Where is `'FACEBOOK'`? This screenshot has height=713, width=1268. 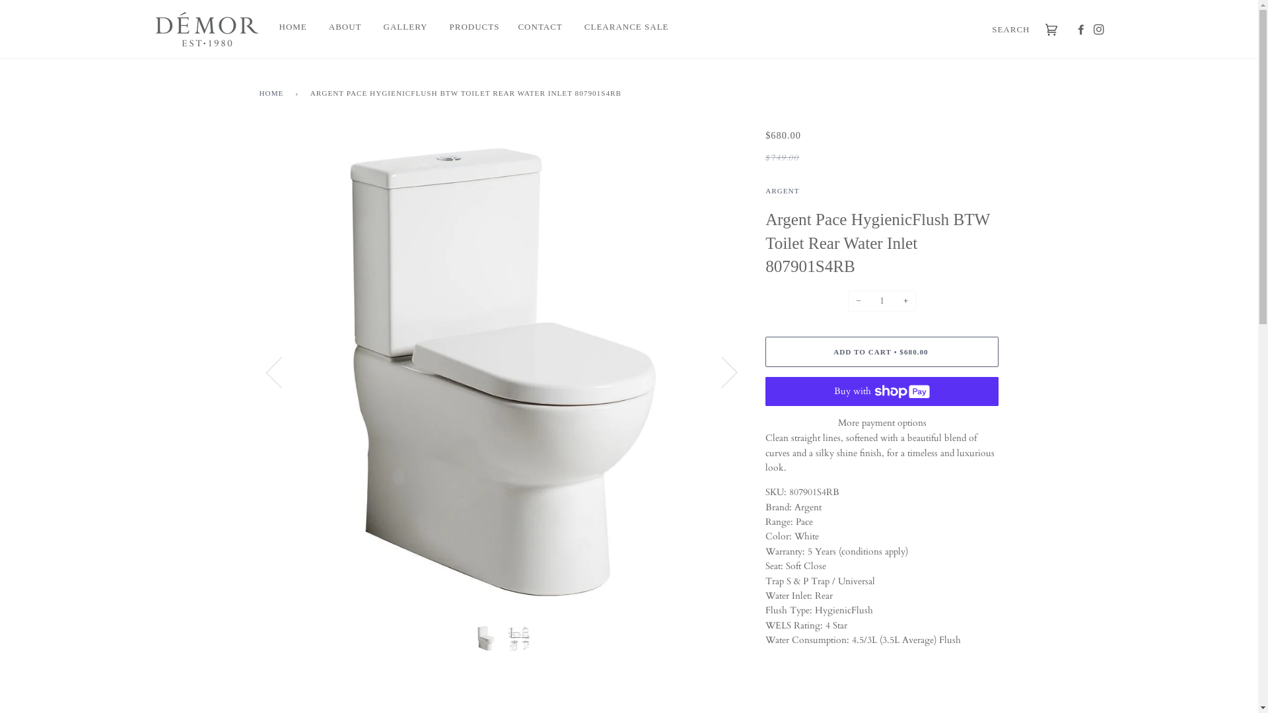
'FACEBOOK' is located at coordinates (1073, 30).